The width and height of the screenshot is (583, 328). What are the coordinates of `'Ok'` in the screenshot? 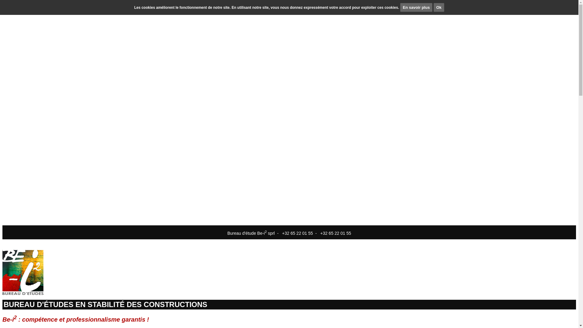 It's located at (439, 7).